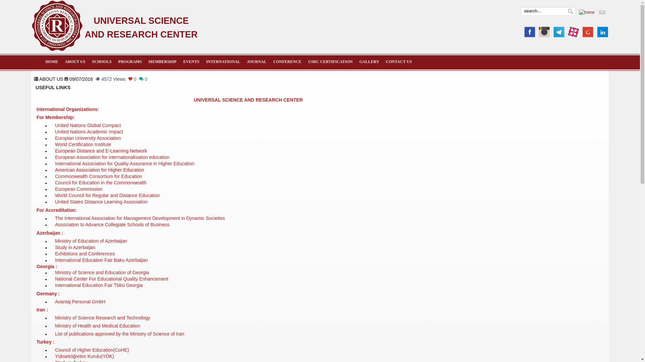 This screenshot has width=645, height=362. Describe the element at coordinates (330, 62) in the screenshot. I see `'USRC CERTIFICATION'` at that location.